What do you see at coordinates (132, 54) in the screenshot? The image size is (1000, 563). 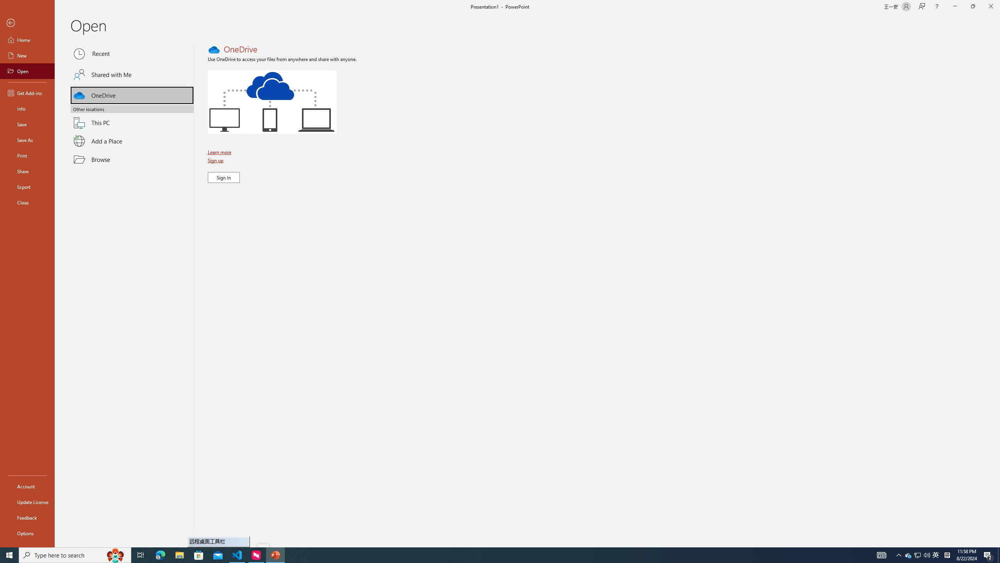 I see `'Recent'` at bounding box center [132, 54].